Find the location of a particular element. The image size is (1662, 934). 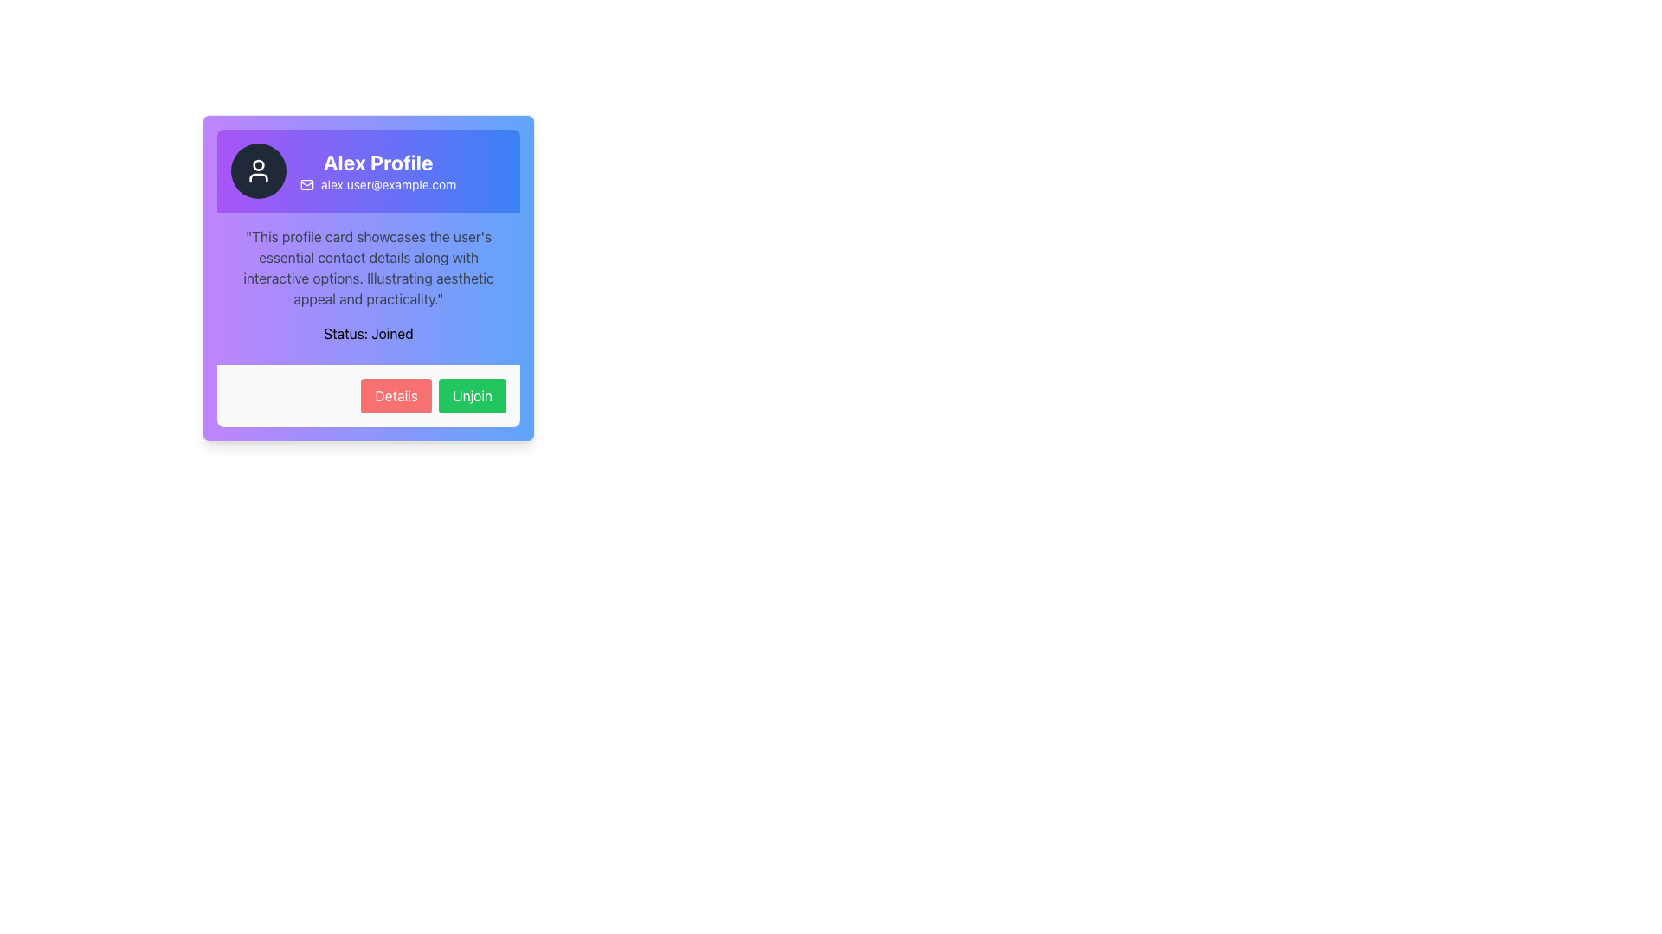

the rectangular 'Unjoin' button with white text on a green background, located in the bottom section of the card interface, next to the red 'Details' button is located at coordinates (473, 396).